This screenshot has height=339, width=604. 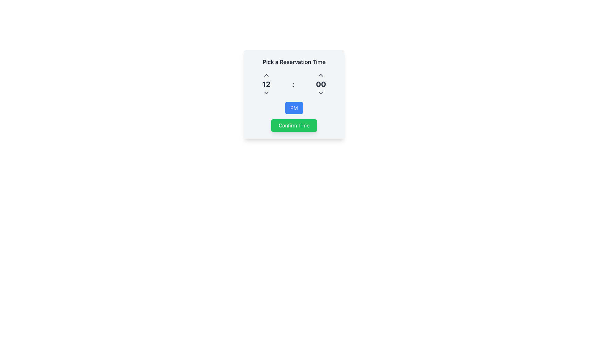 I want to click on the small gray triangular up-arrow icon located above the '00' in the minutes section of the time picker, so click(x=321, y=75).